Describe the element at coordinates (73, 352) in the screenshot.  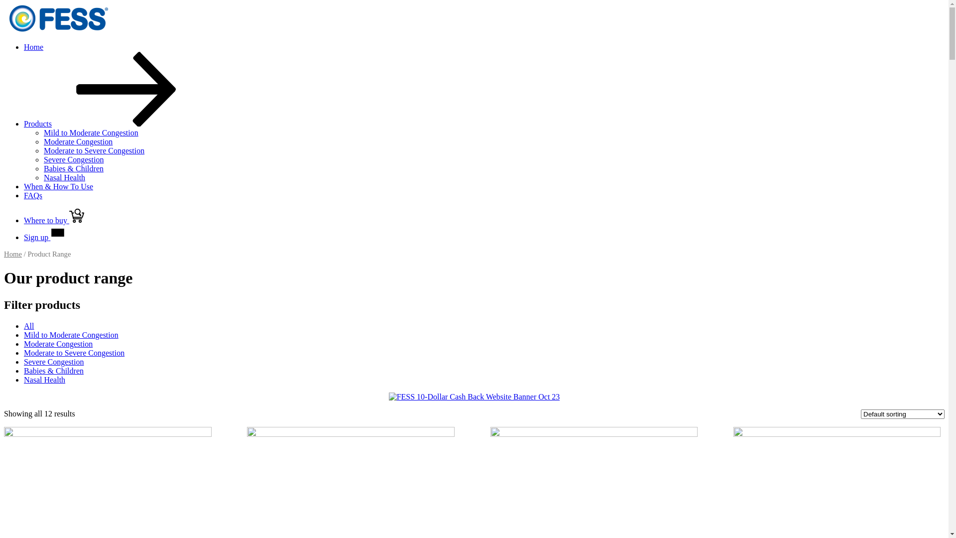
I see `'Moderate to Severe Congestion'` at that location.